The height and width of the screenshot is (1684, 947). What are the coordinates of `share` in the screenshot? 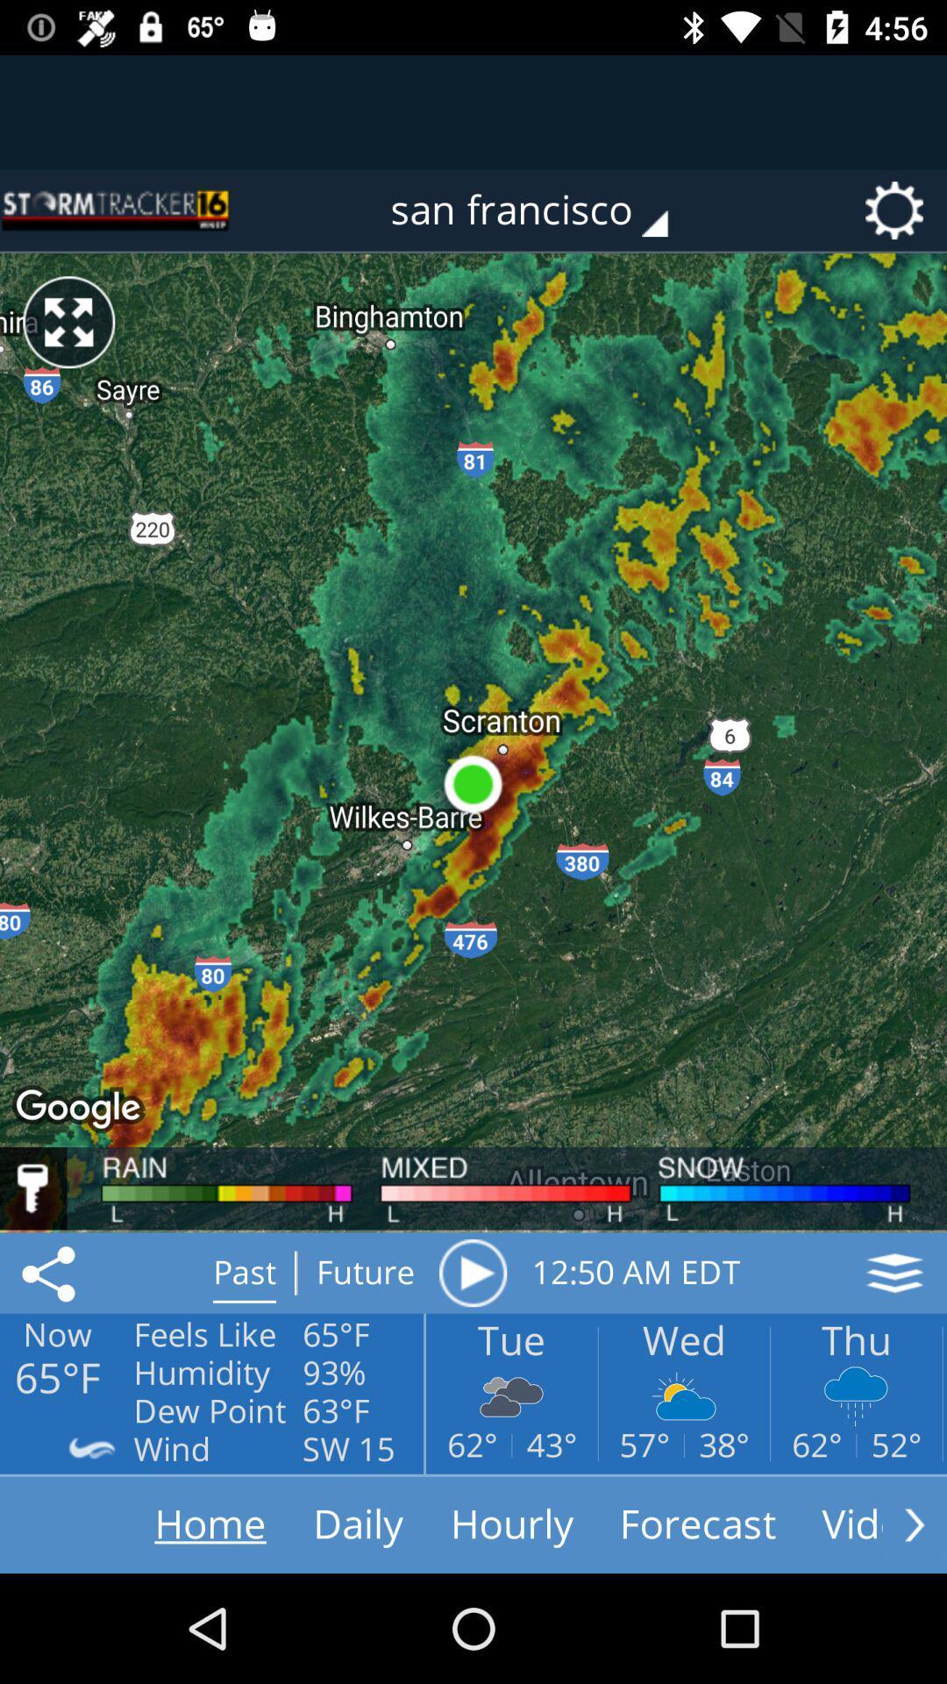 It's located at (51, 1273).